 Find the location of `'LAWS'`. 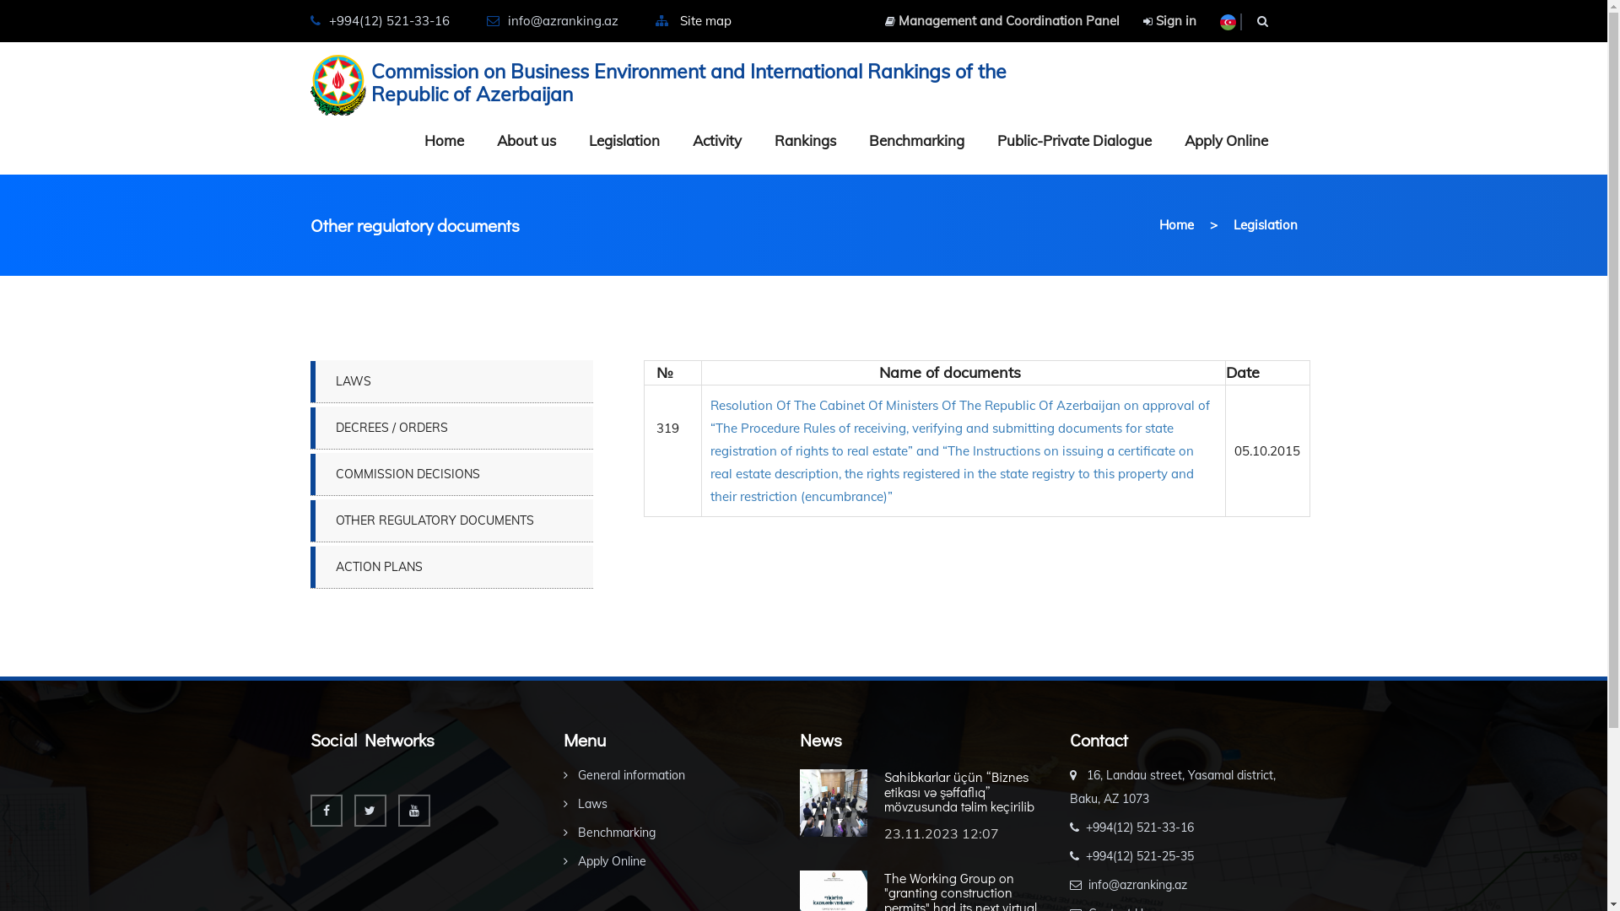

'LAWS' is located at coordinates (451, 380).